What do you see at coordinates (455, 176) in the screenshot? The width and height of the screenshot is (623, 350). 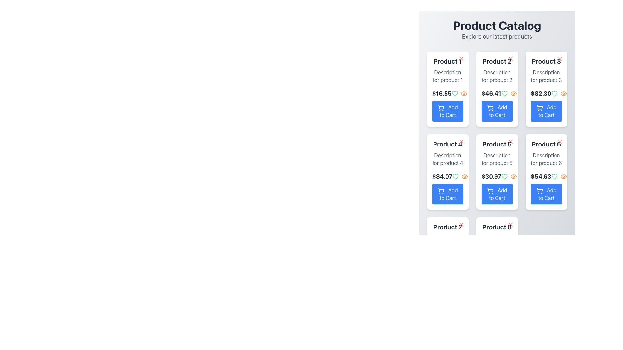 I see `the favorite icon button located below the price text '$84.07' for 'Product 4'` at bounding box center [455, 176].